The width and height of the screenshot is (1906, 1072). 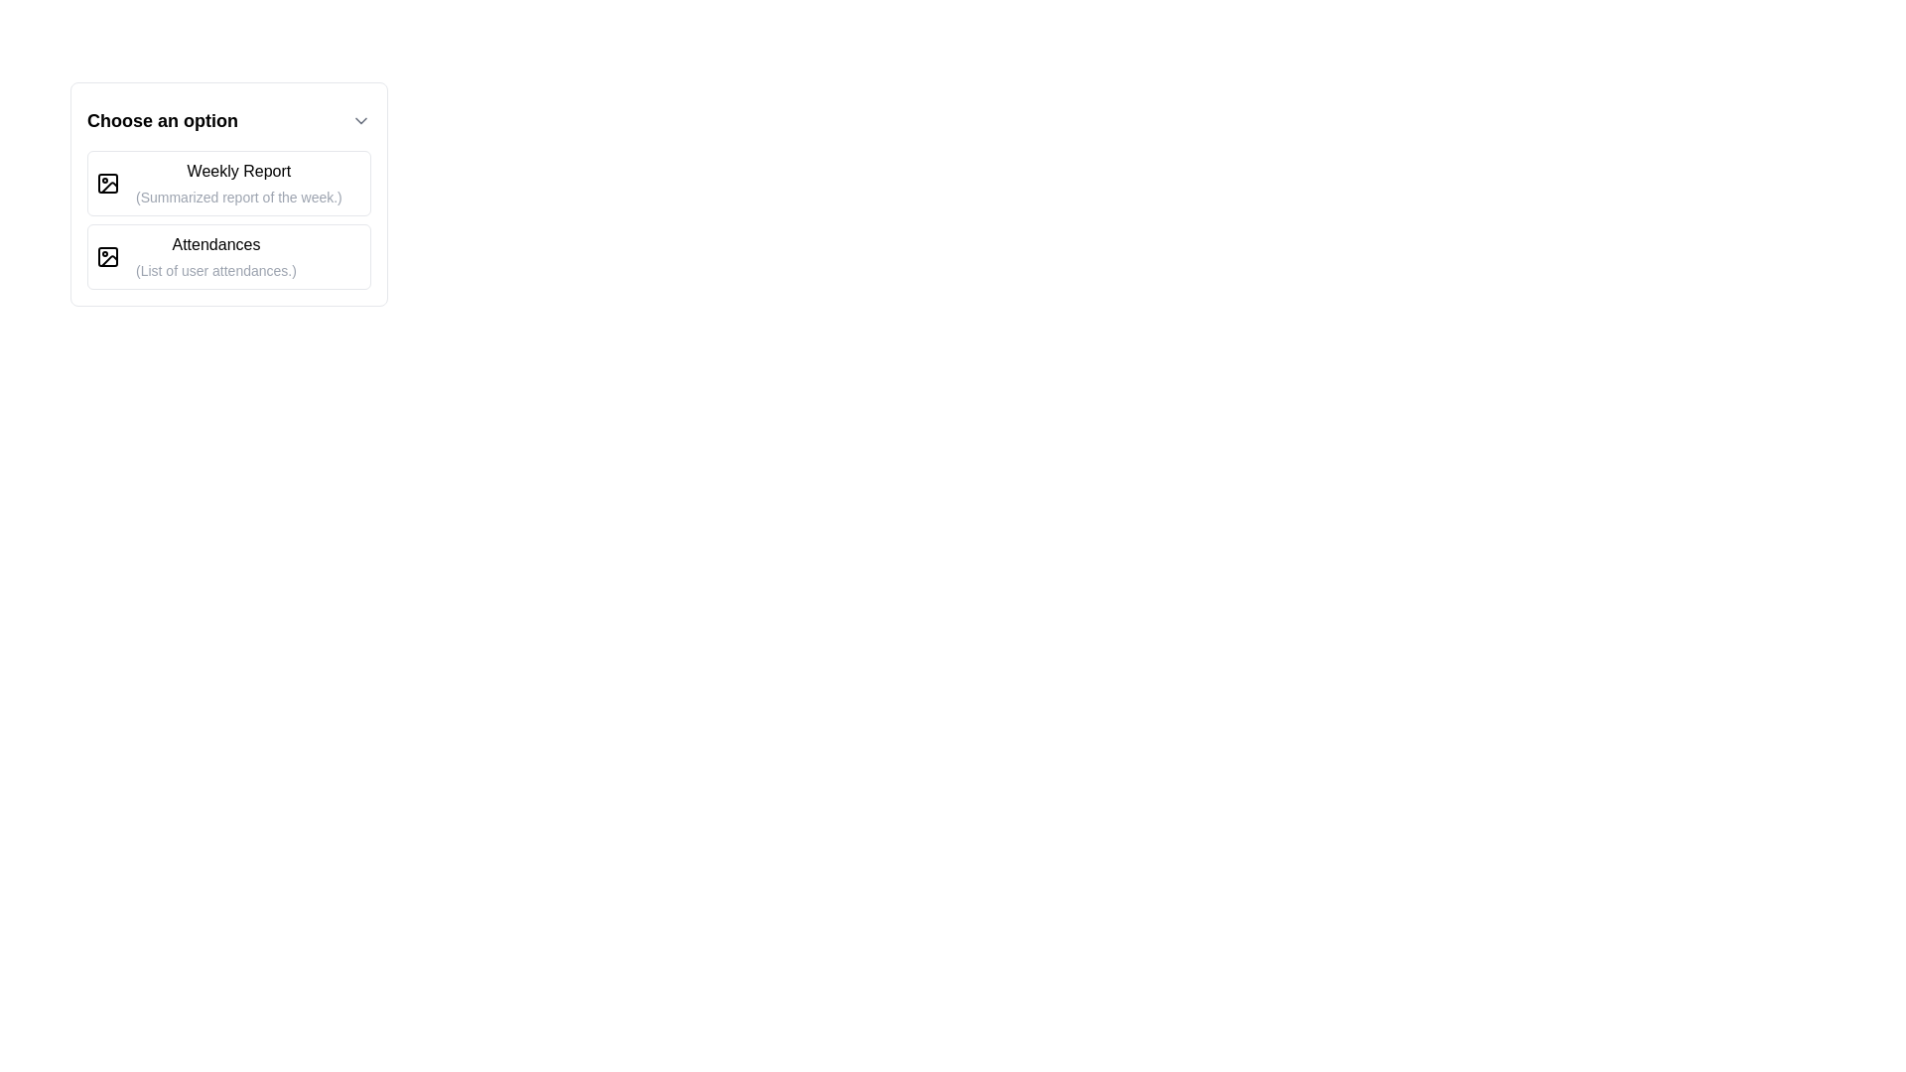 What do you see at coordinates (107, 255) in the screenshot?
I see `the icon resembling a square frame with rounded corners, containing a circular dot and an intersecting line, located to the left of the 'Attendances (List of user attendances.)' label` at bounding box center [107, 255].